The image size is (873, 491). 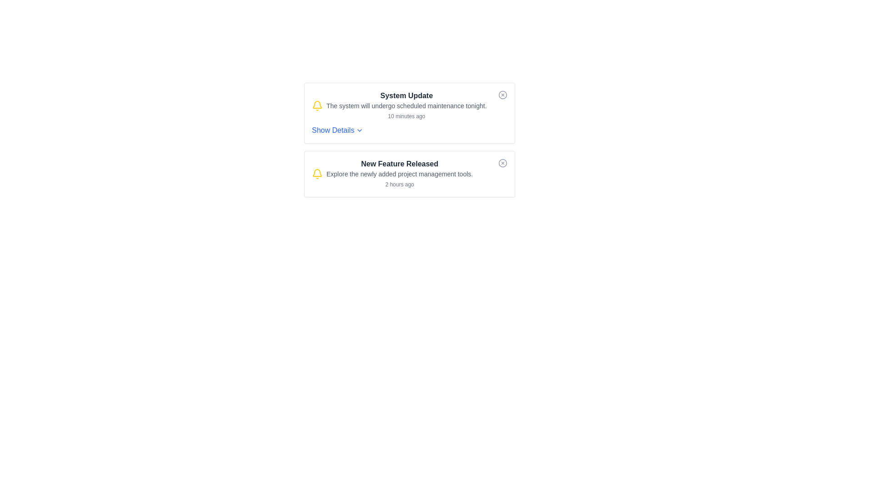 I want to click on the Notification card that displays a summary of a new feature release, located centrally in the lower notification card of a vertical stack, with a yellow bell icon to its left, so click(x=400, y=174).